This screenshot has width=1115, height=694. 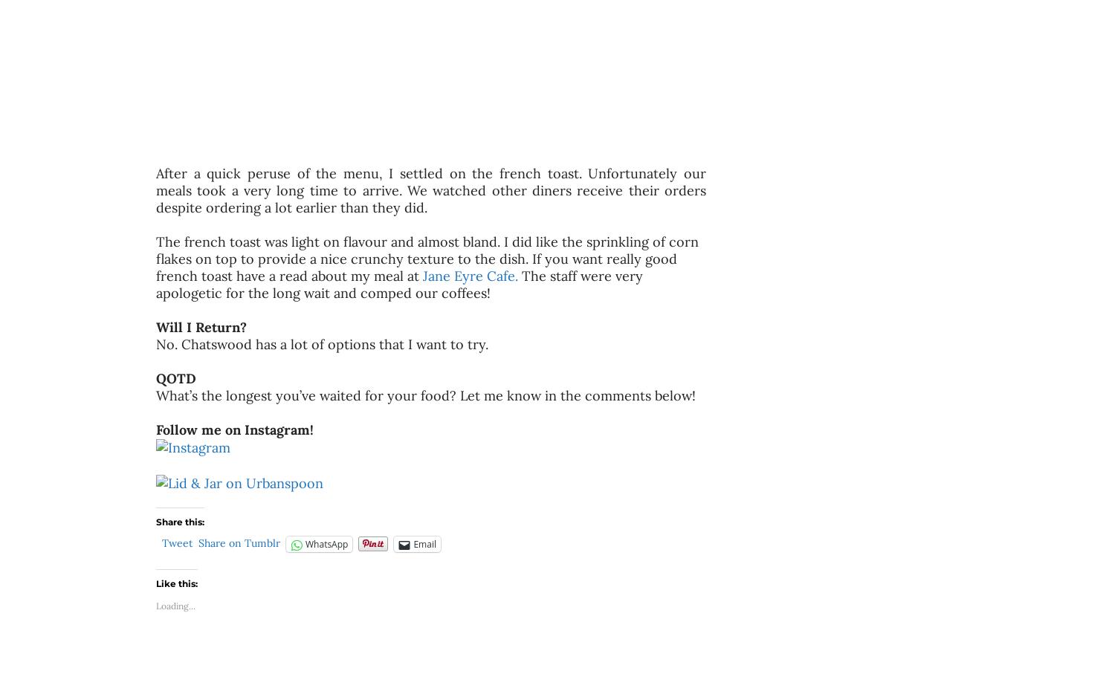 I want to click on 'No. Chatswood has a lot of options that I want to try.', so click(x=324, y=344).